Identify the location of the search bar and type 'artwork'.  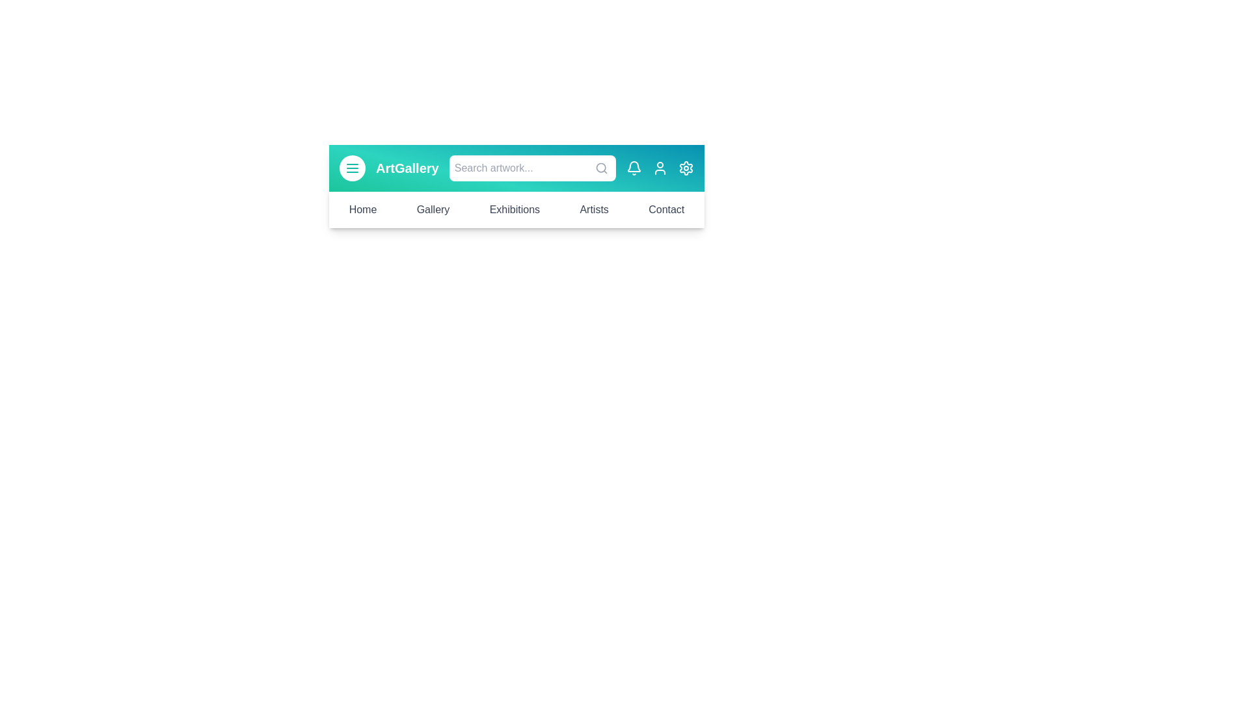
(531, 167).